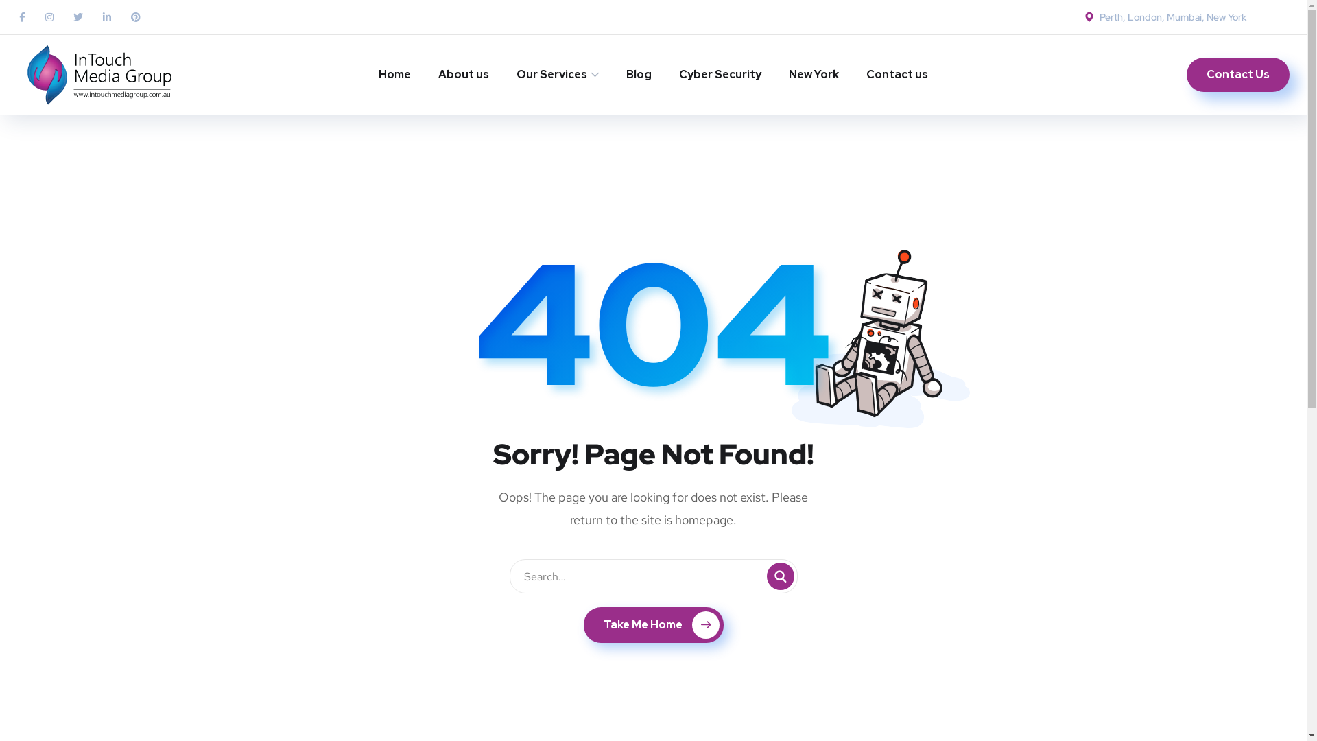 The height and width of the screenshot is (741, 1317). Describe the element at coordinates (464, 74) in the screenshot. I see `'About us'` at that location.